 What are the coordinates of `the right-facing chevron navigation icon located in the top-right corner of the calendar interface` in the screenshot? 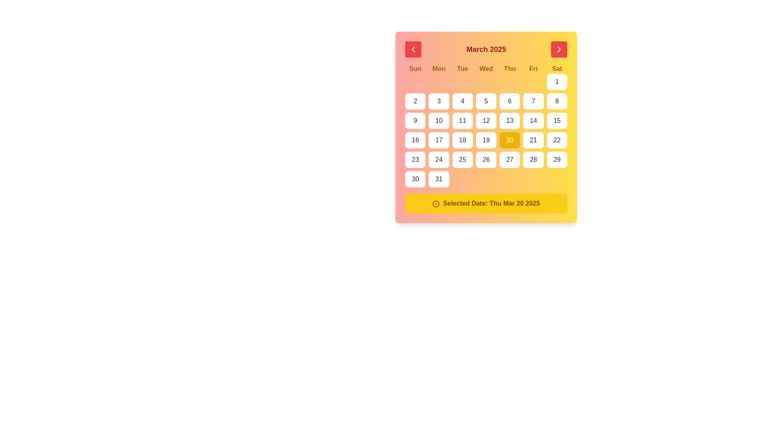 It's located at (559, 49).